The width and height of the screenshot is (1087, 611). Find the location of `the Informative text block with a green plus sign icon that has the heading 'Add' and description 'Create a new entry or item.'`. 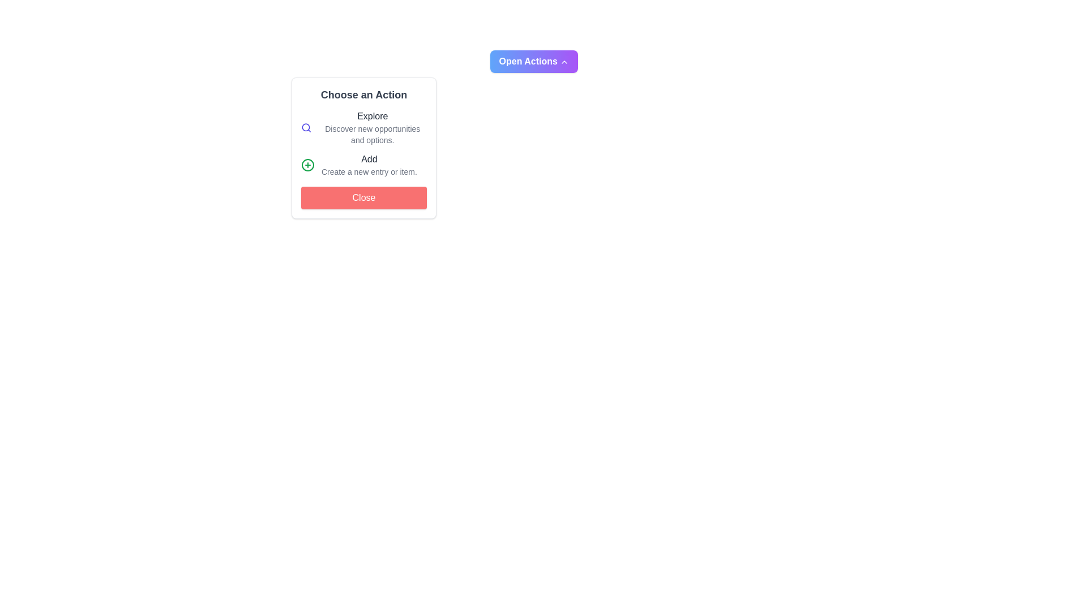

the Informative text block with a green plus sign icon that has the heading 'Add' and description 'Create a new entry or item.' is located at coordinates (364, 165).